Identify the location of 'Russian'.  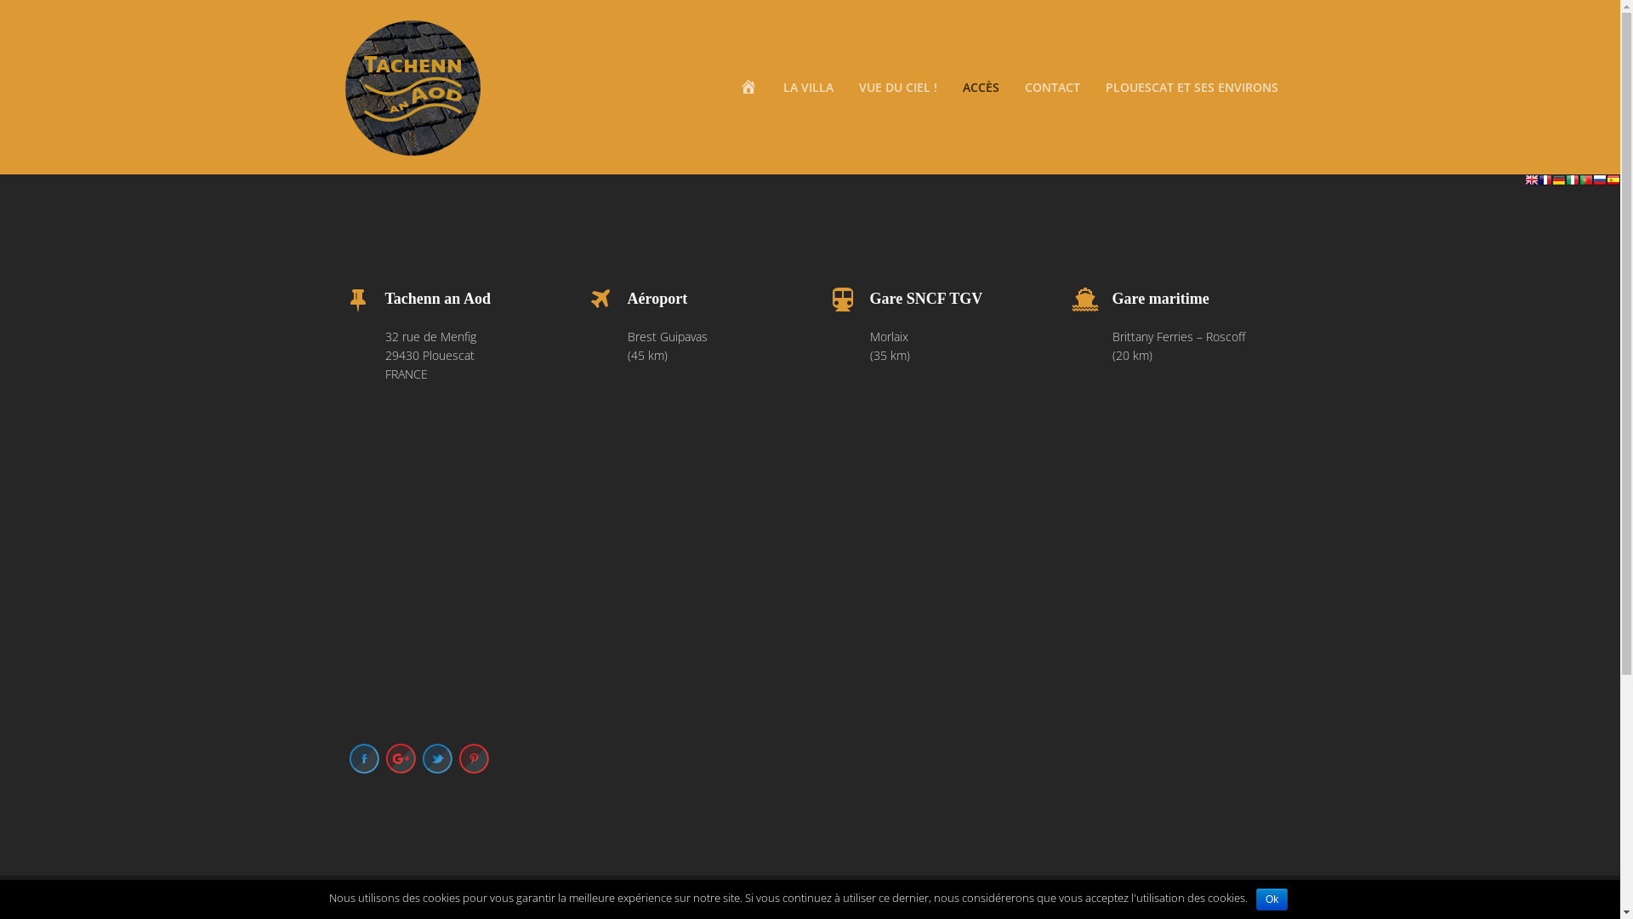
(1599, 184).